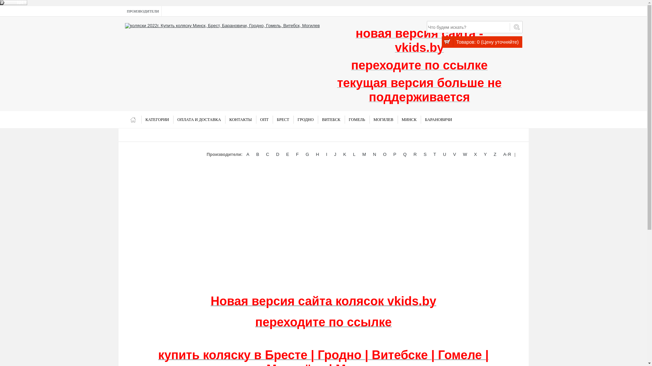 The image size is (652, 366). Describe the element at coordinates (267, 154) in the screenshot. I see `'C'` at that location.